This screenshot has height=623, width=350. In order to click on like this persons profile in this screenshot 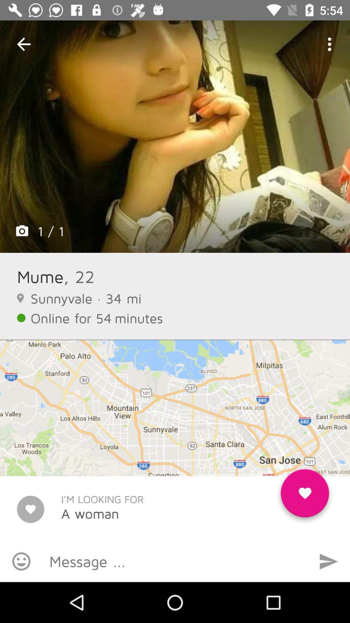, I will do `click(305, 495)`.